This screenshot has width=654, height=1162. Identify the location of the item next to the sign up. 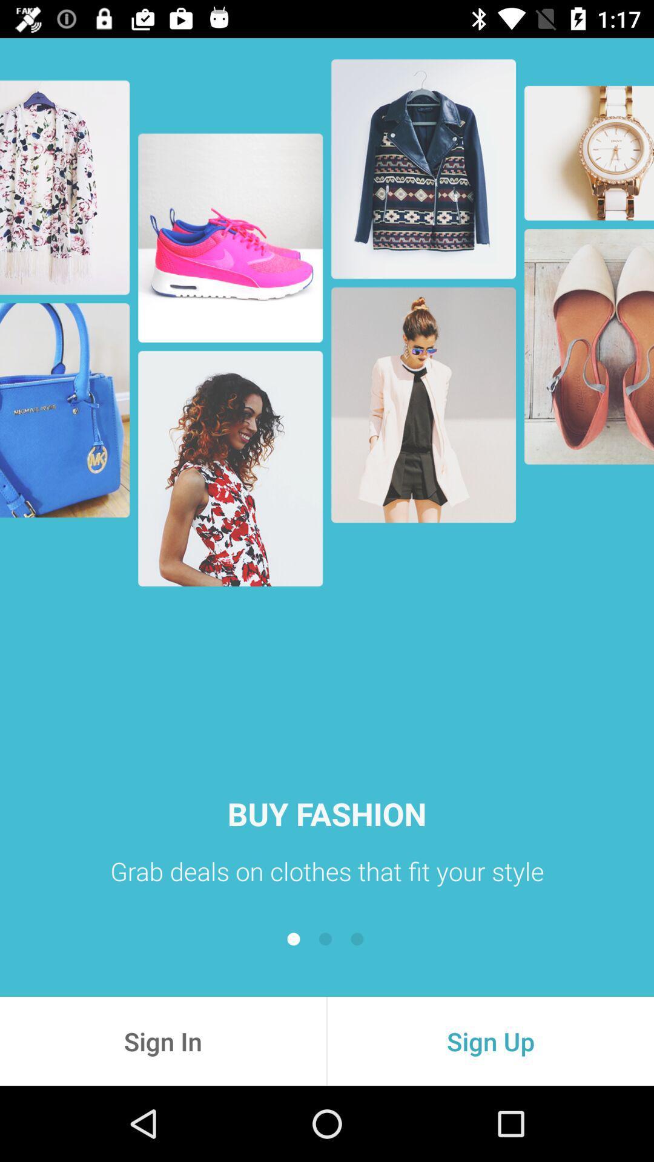
(162, 1040).